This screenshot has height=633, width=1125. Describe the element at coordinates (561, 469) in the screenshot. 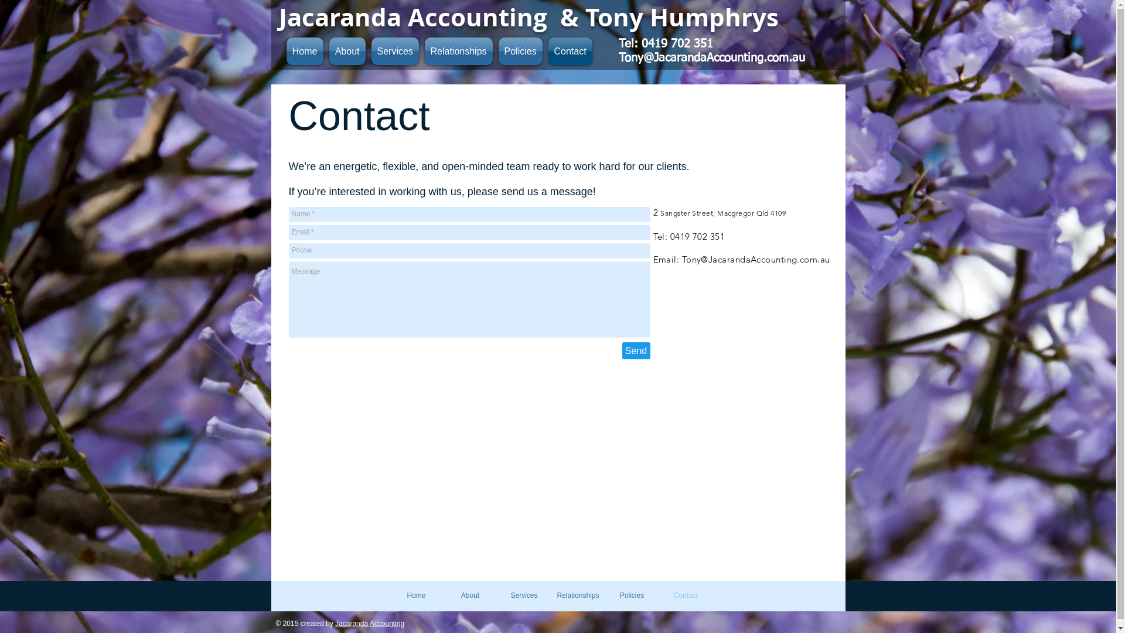

I see `'Google Maps'` at that location.